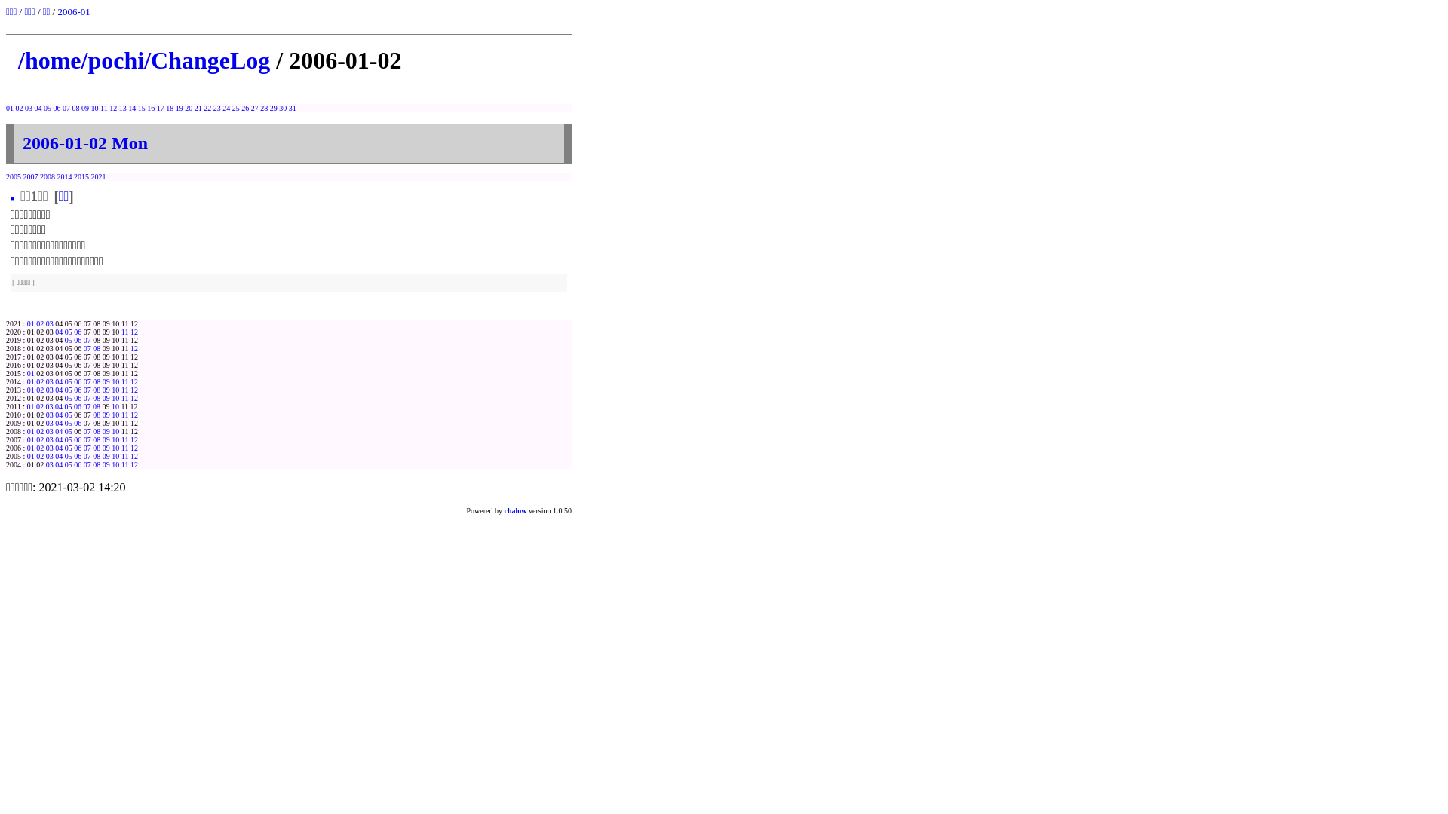  I want to click on '01', so click(26, 323).